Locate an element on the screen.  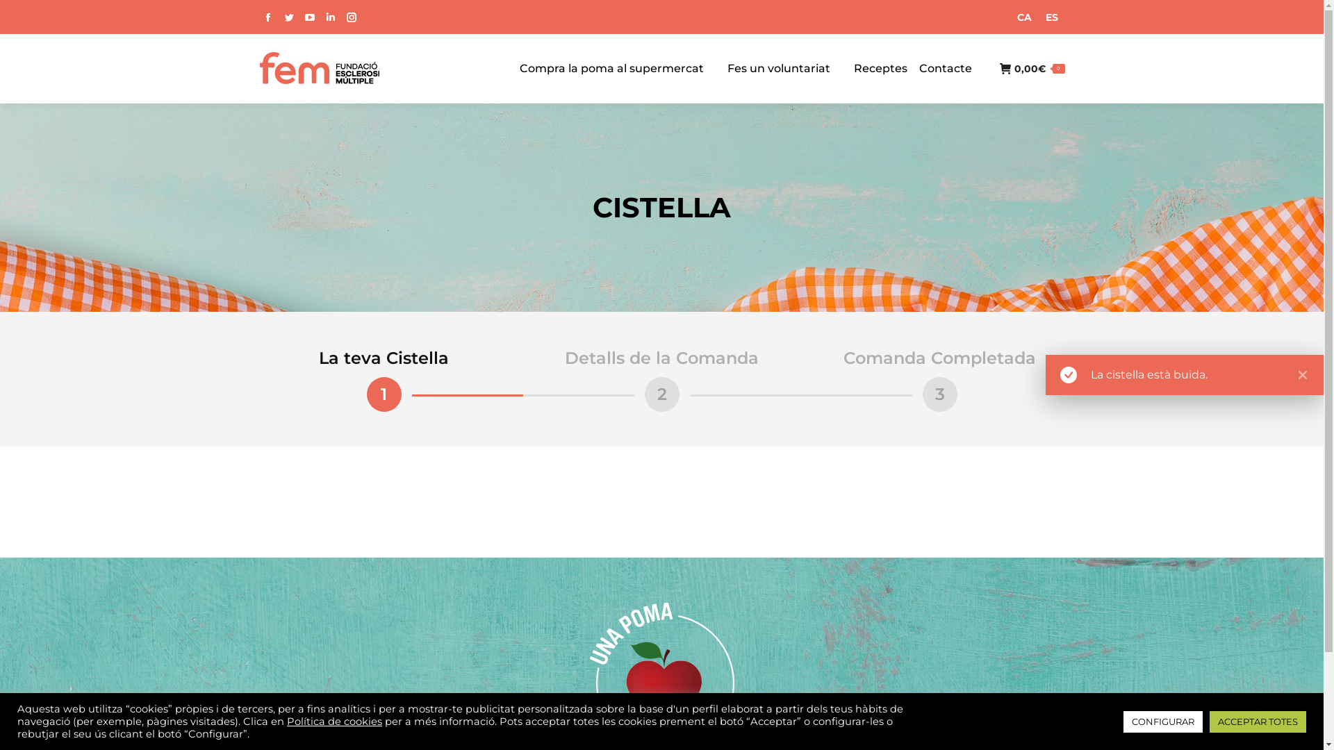
'Facebook page opens in new window' is located at coordinates (258, 17).